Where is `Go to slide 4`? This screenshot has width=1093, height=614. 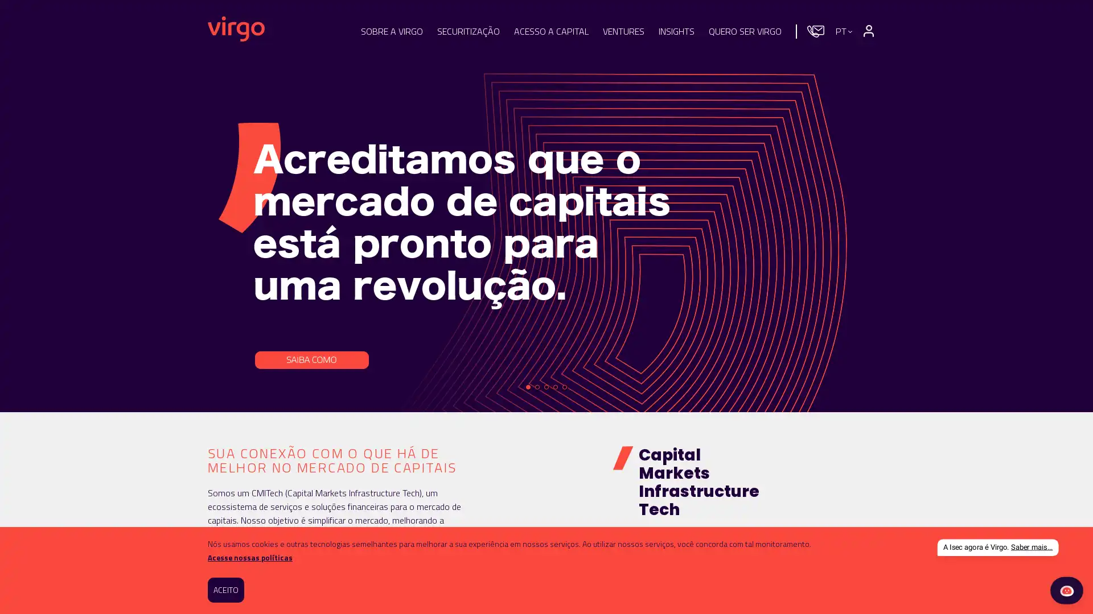
Go to slide 4 is located at coordinates (555, 387).